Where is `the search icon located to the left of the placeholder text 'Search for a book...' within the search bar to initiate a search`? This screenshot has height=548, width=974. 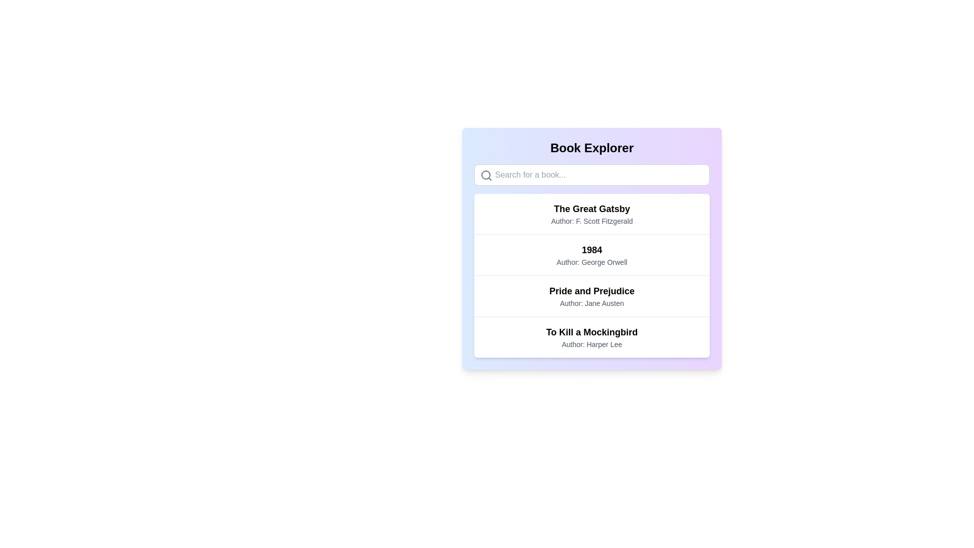
the search icon located to the left of the placeholder text 'Search for a book...' within the search bar to initiate a search is located at coordinates (486, 175).